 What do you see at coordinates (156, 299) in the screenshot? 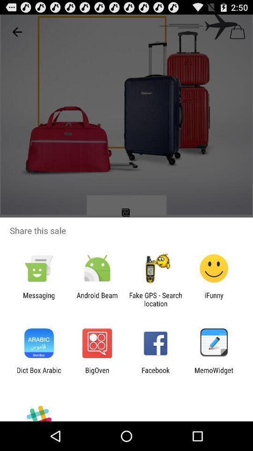
I see `item next to android beam icon` at bounding box center [156, 299].